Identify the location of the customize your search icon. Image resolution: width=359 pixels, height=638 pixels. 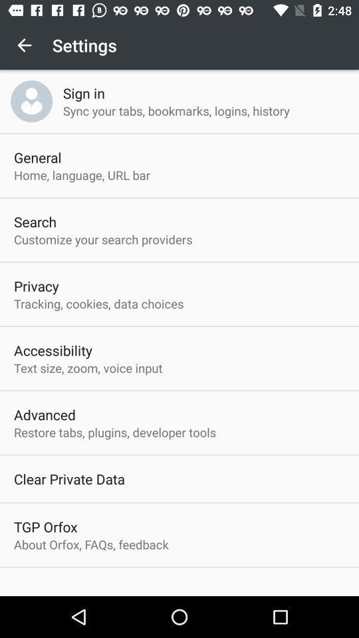
(102, 239).